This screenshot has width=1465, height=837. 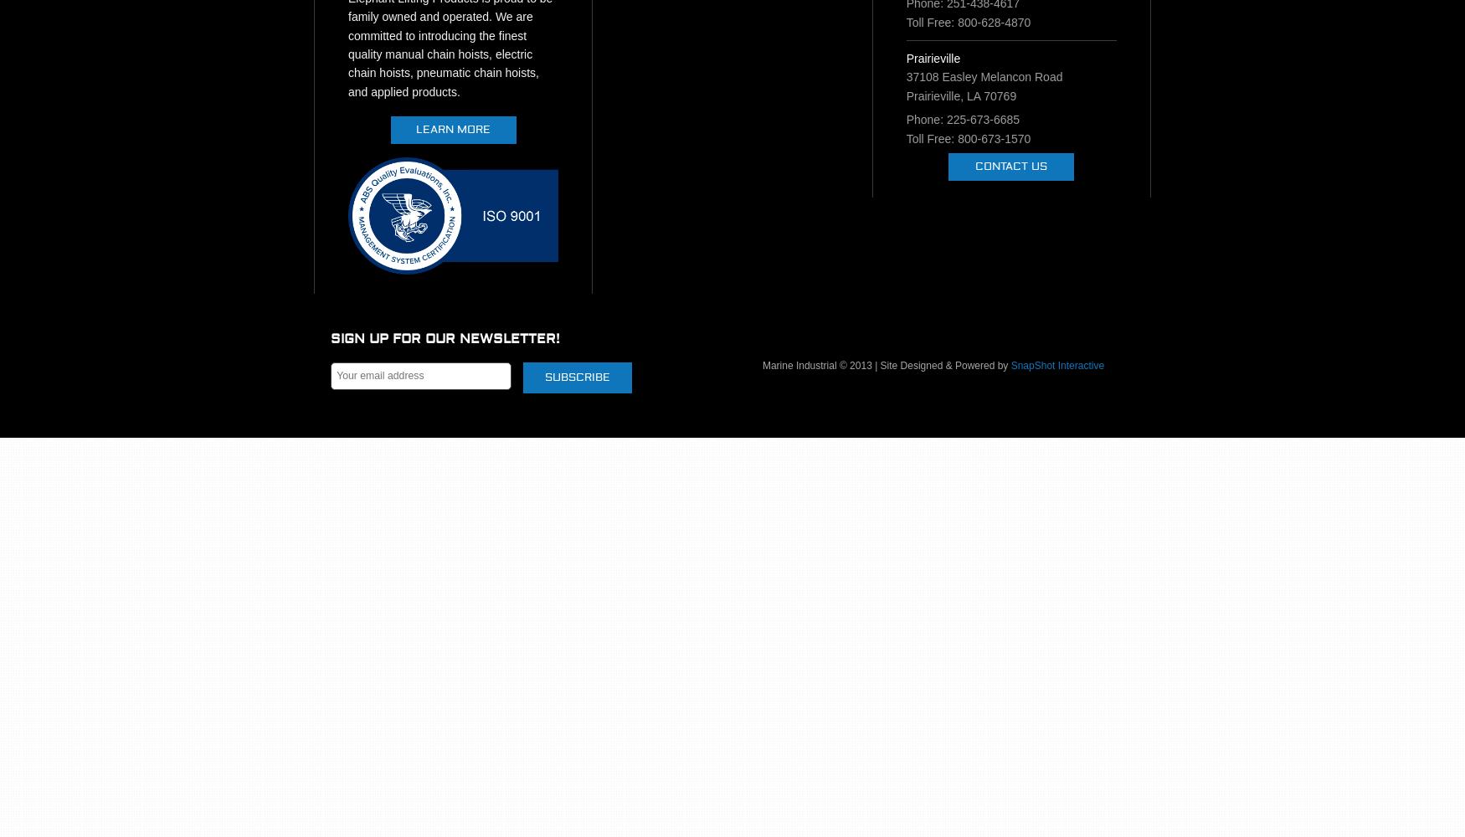 I want to click on '37108 Easley Melancon Road', so click(x=983, y=76).